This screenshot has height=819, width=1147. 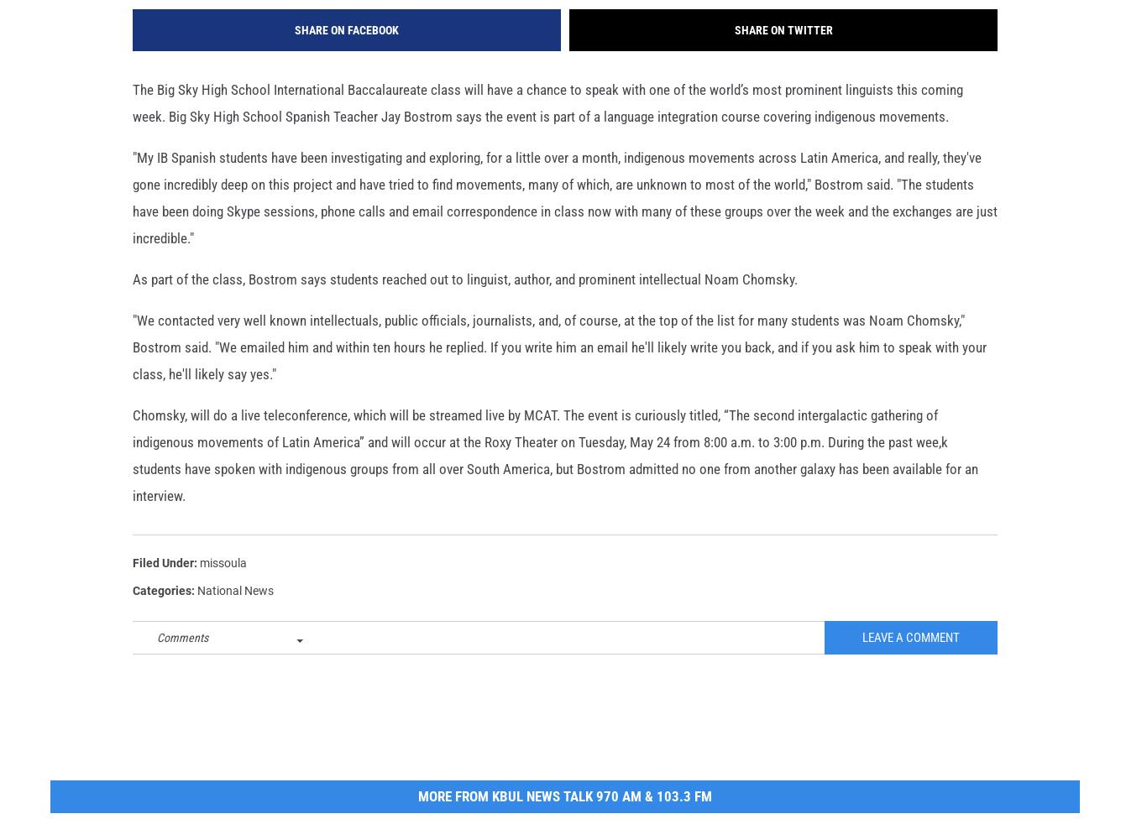 What do you see at coordinates (547, 128) in the screenshot?
I see `'The Big Sky High School International Baccalaureate class will have a chance to speak with one of the world’s most prominent linguists this coming week. Big Sky High School Spanish Teacher Jay Bostrom says the event is part of a language integration course covering indigenous movements.'` at bounding box center [547, 128].